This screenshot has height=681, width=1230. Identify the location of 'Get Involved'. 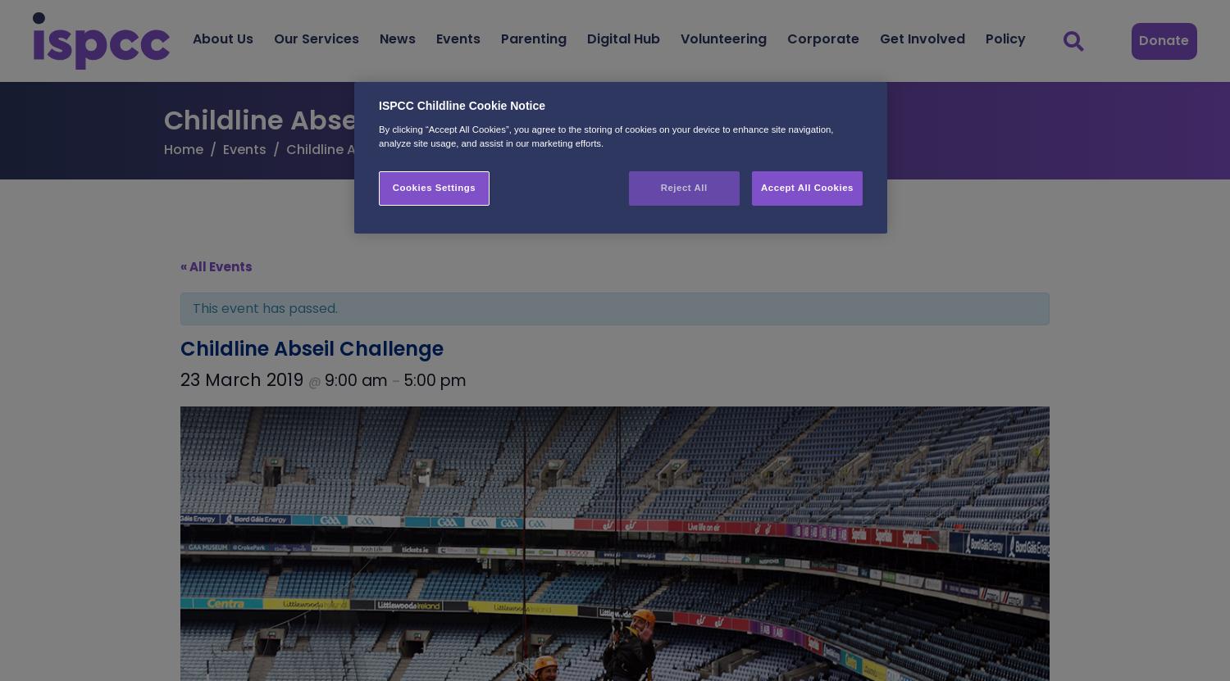
(878, 38).